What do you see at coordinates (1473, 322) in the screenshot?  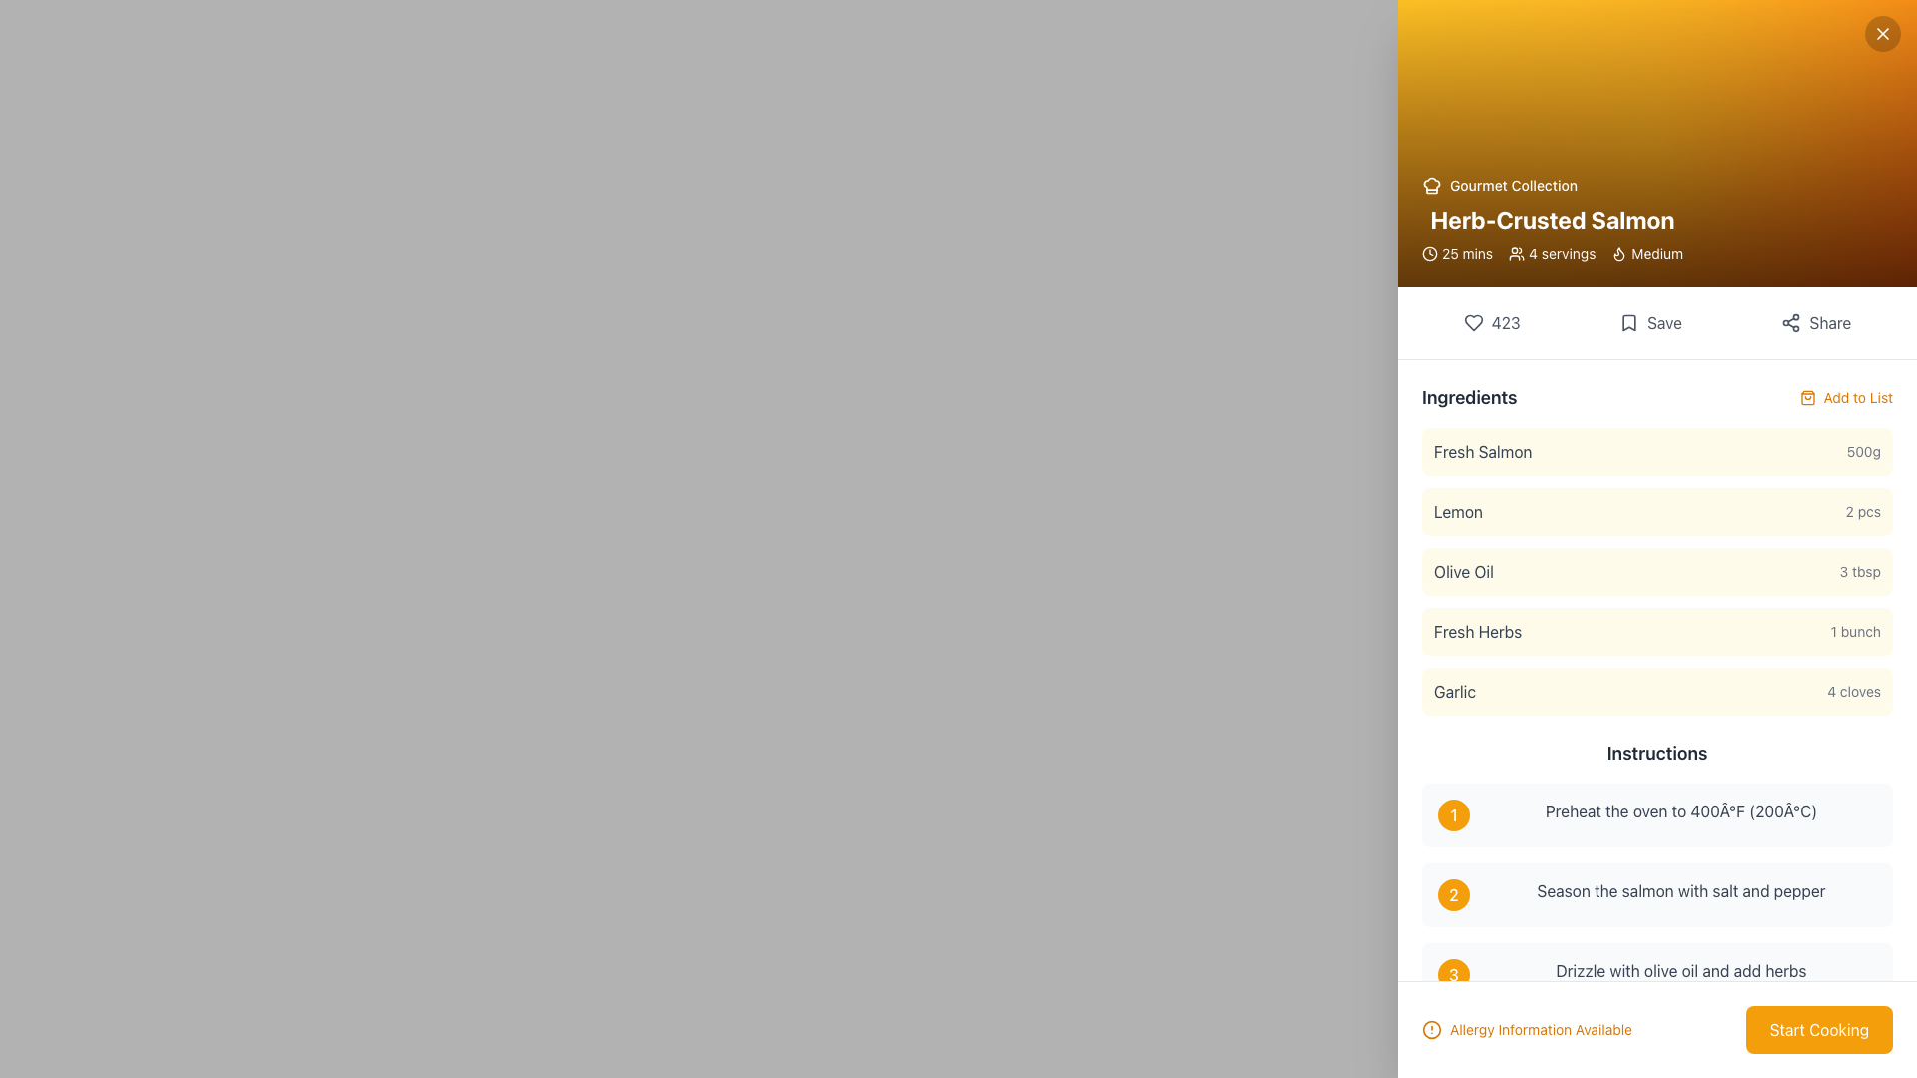 I see `the heart-shaped icon in the header section` at bounding box center [1473, 322].